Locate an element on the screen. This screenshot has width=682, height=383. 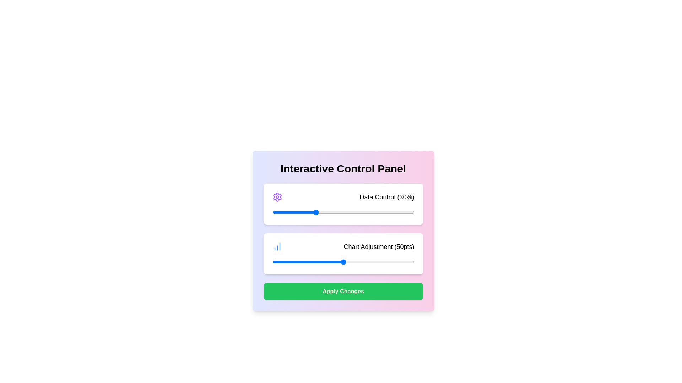
the 'Data Control' slider to 21% is located at coordinates (302, 212).